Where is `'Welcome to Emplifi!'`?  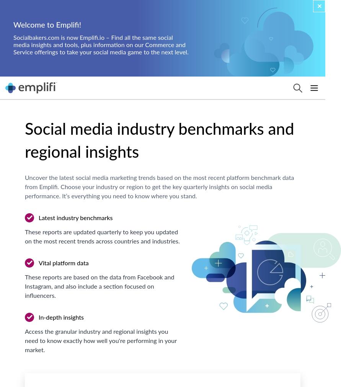
'Welcome to Emplifi!' is located at coordinates (47, 24).